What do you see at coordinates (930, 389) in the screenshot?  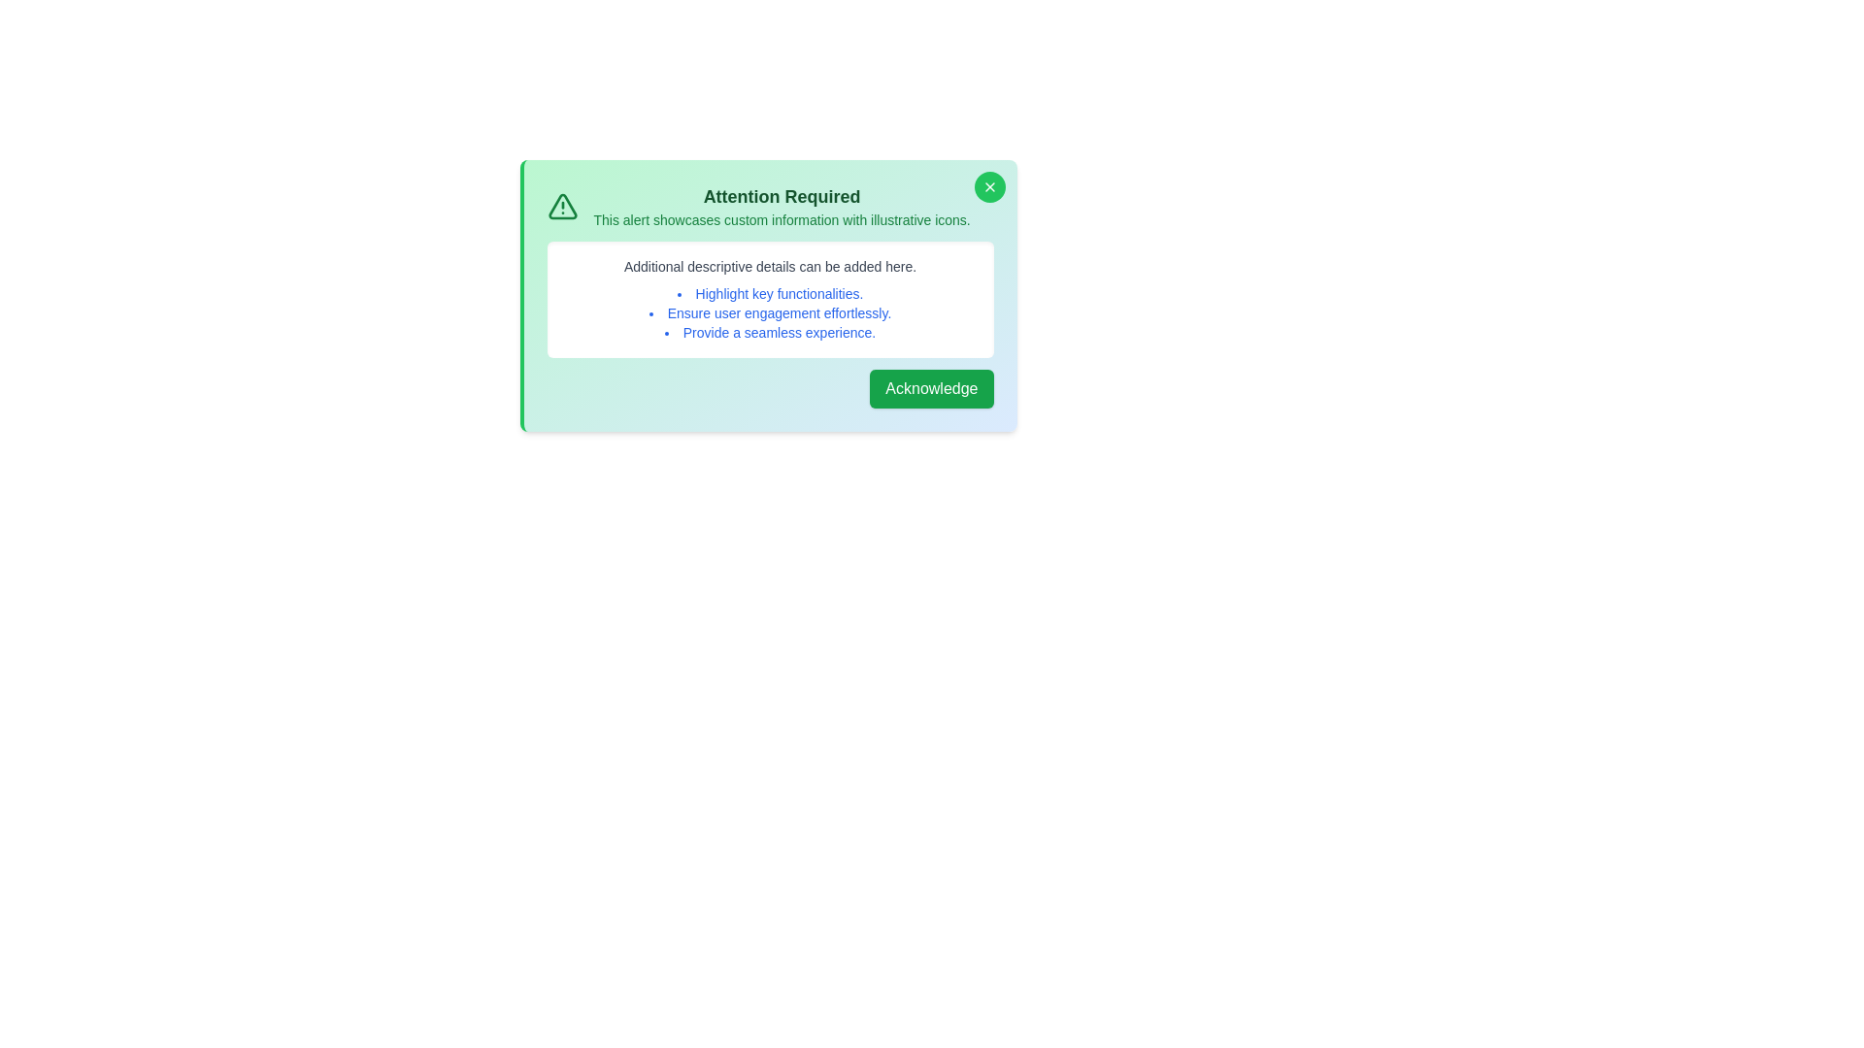 I see `the 'Acknowledge' button to acknowledge the alert` at bounding box center [930, 389].